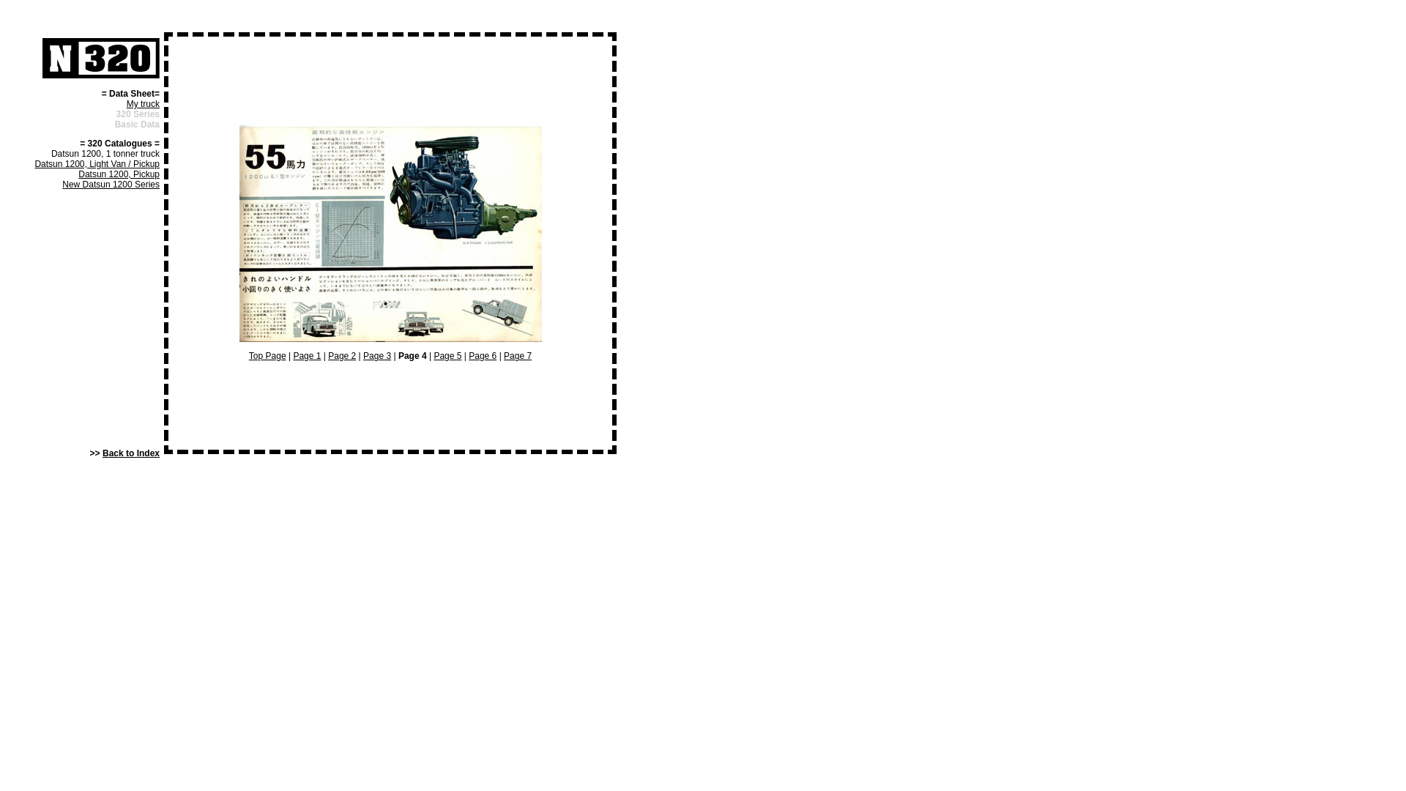 The image size is (1406, 791). I want to click on 'Page 1', so click(305, 356).